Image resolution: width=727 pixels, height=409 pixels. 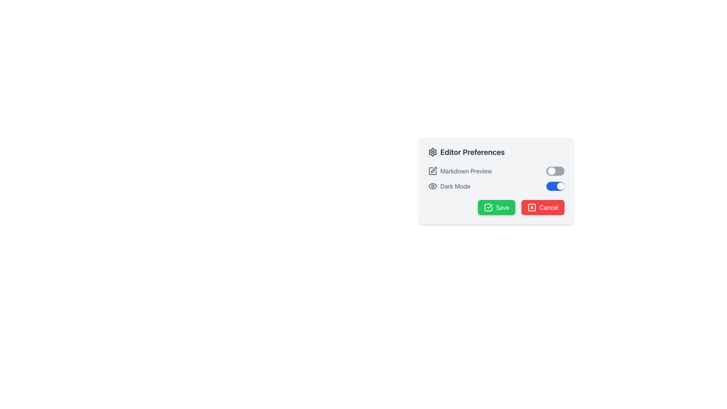 I want to click on the header text with an icon that introduces user preferences within a bordered card-like section to possibly see a tooltip, so click(x=496, y=152).